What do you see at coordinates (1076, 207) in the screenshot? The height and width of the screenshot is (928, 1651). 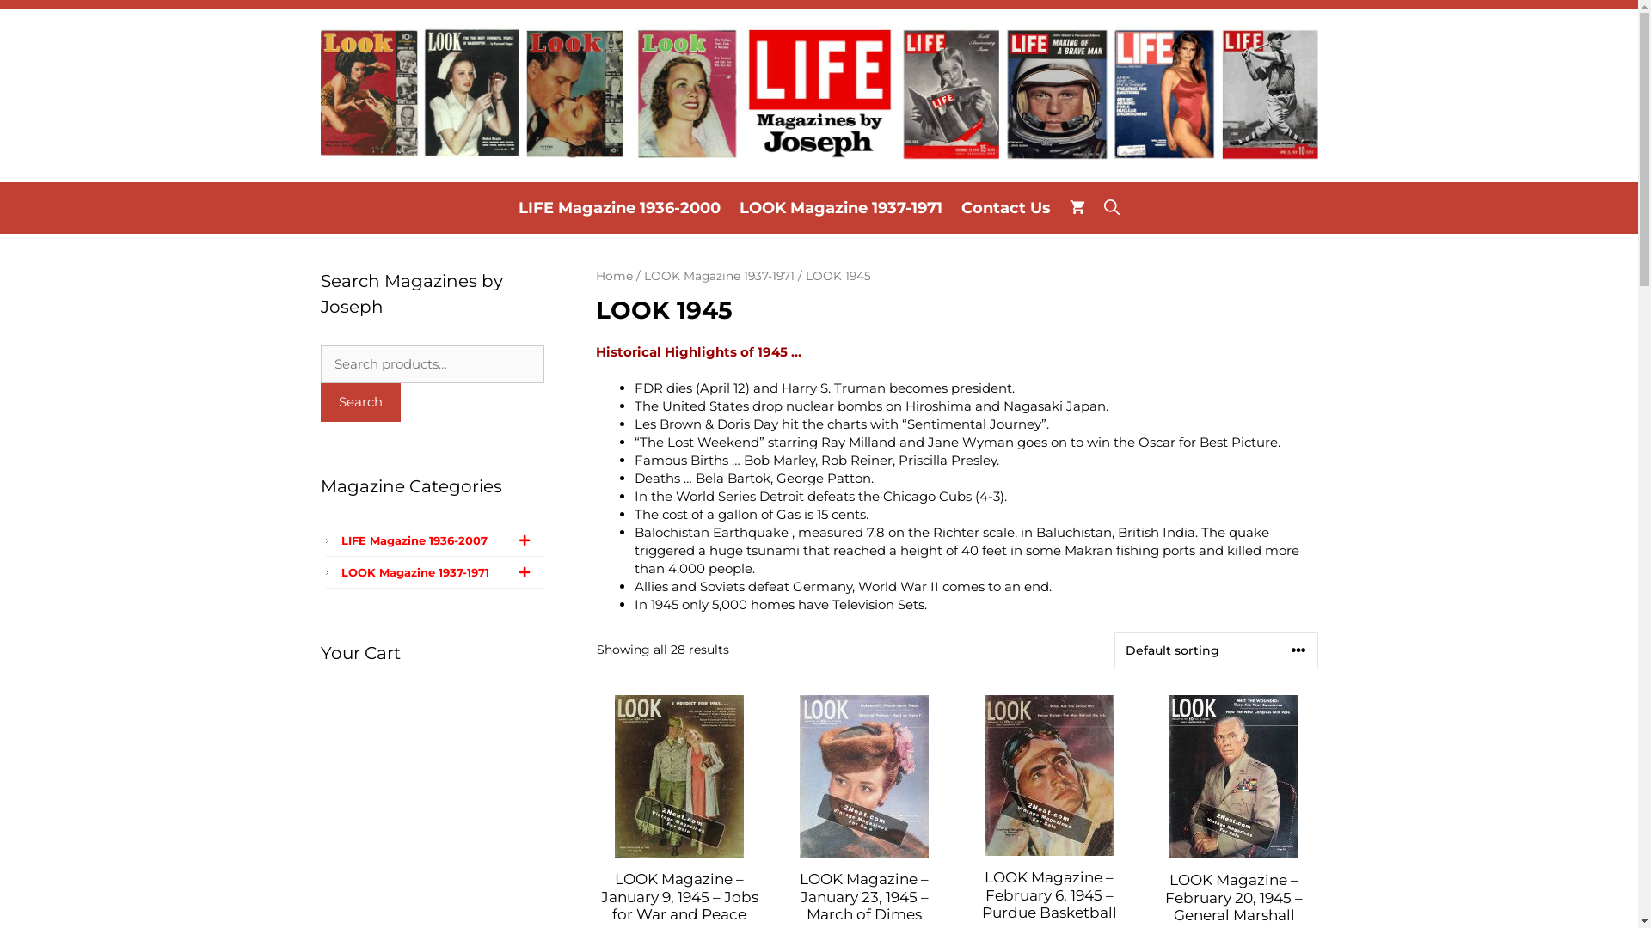 I see `'View your shopping cart'` at bounding box center [1076, 207].